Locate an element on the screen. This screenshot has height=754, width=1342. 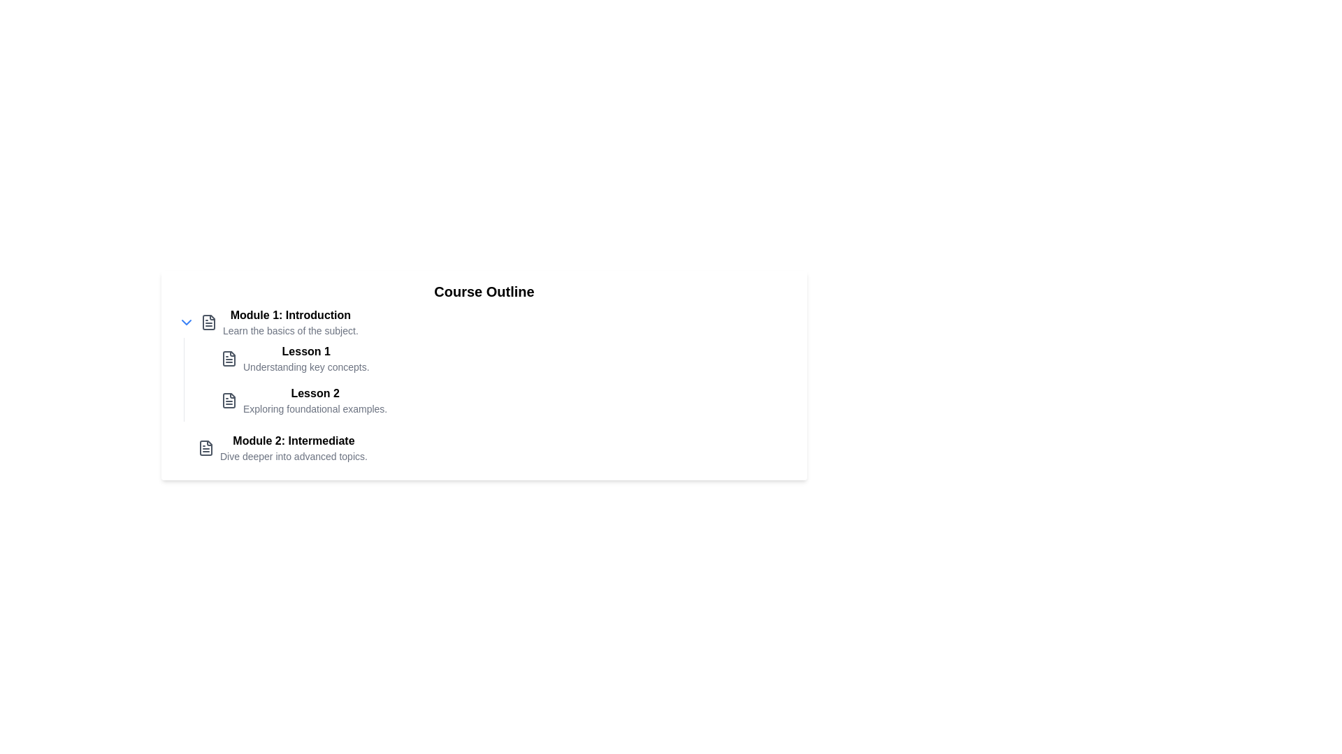
the Text Label that provides a detailed description of the topic covered in Lesson 2, located under the heading 'Lesson 2' and within the outlined course structure is located at coordinates (315, 408).